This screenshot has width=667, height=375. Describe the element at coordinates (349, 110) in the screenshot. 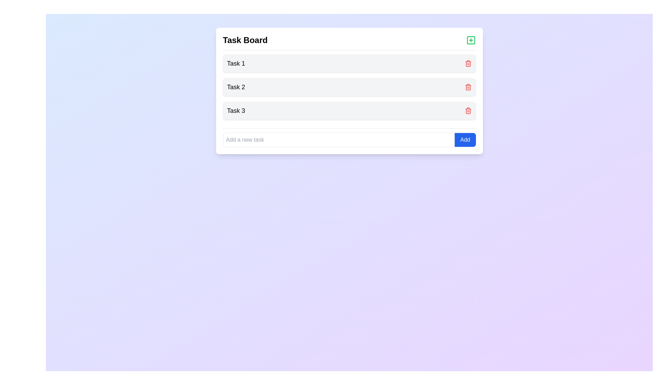

I see `to select the task 'Task 3' located in the task list of the 'Task Board'` at that location.